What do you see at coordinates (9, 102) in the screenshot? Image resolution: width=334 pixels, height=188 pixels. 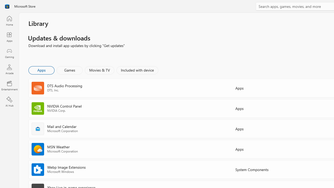 I see `'AI Hub'` at bounding box center [9, 102].